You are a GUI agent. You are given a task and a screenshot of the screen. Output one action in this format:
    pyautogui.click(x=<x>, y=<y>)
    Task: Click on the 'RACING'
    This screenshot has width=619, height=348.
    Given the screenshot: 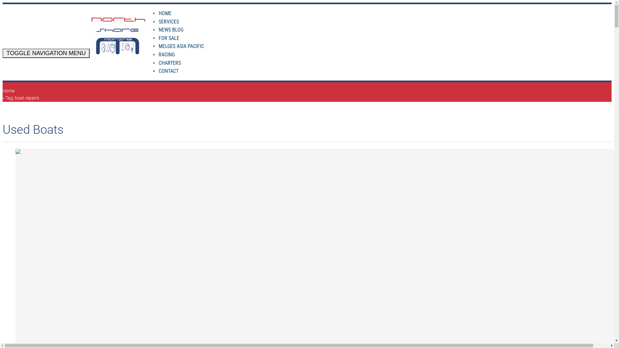 What is the action you would take?
    pyautogui.click(x=167, y=54)
    